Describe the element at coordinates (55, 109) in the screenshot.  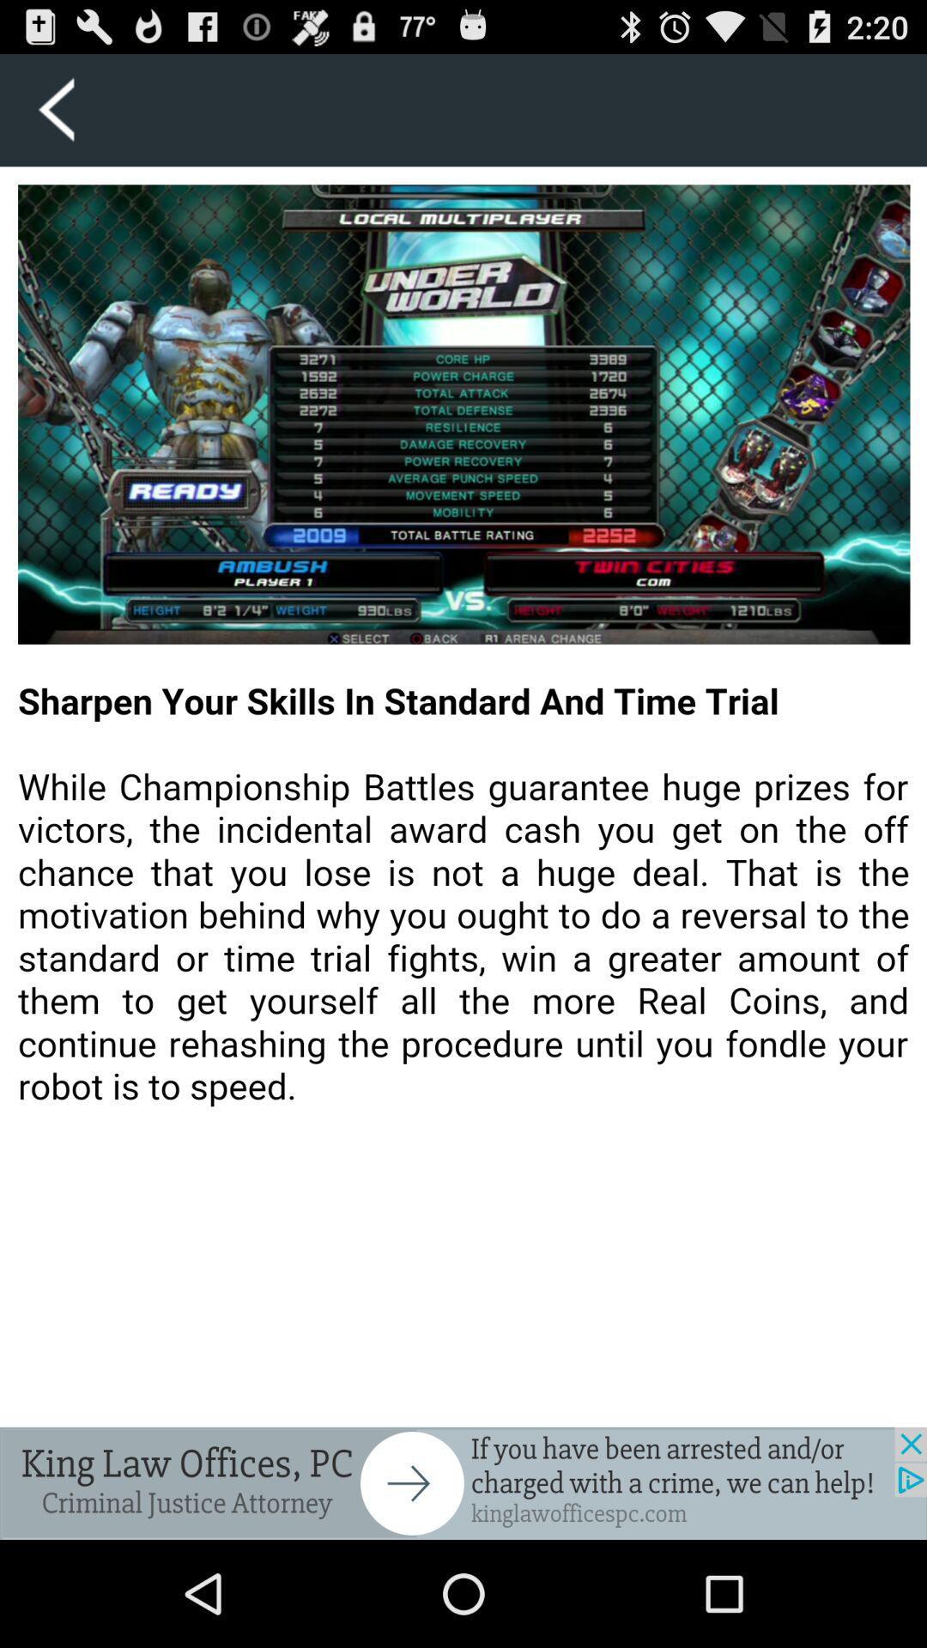
I see `go back` at that location.